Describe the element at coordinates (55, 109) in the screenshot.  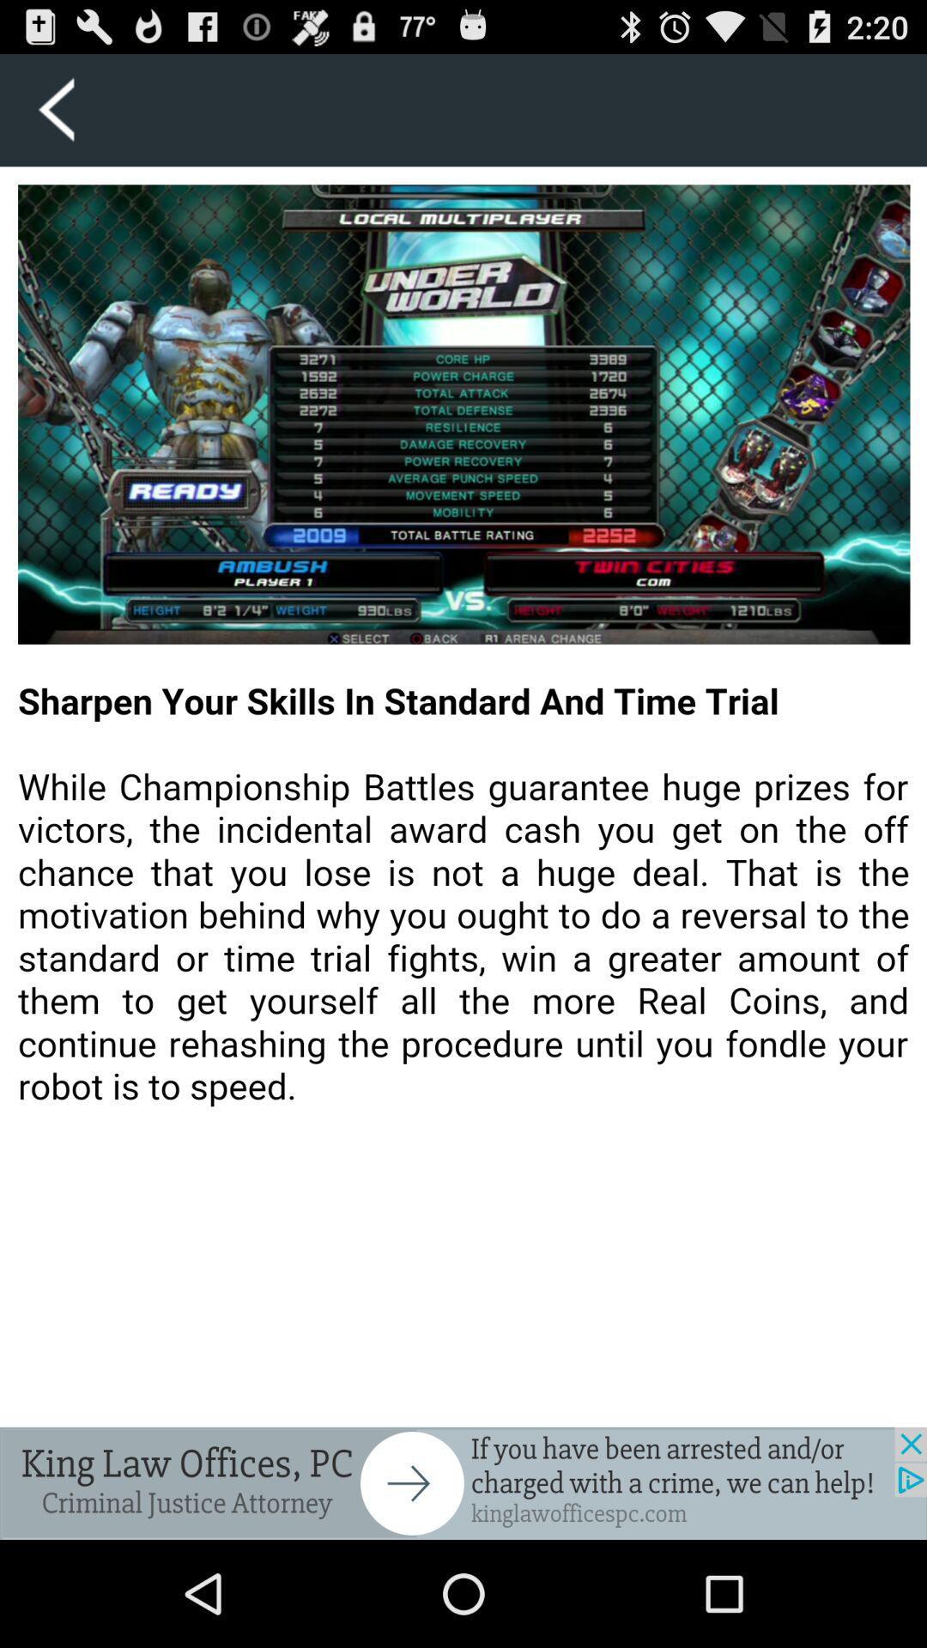
I see `go back` at that location.